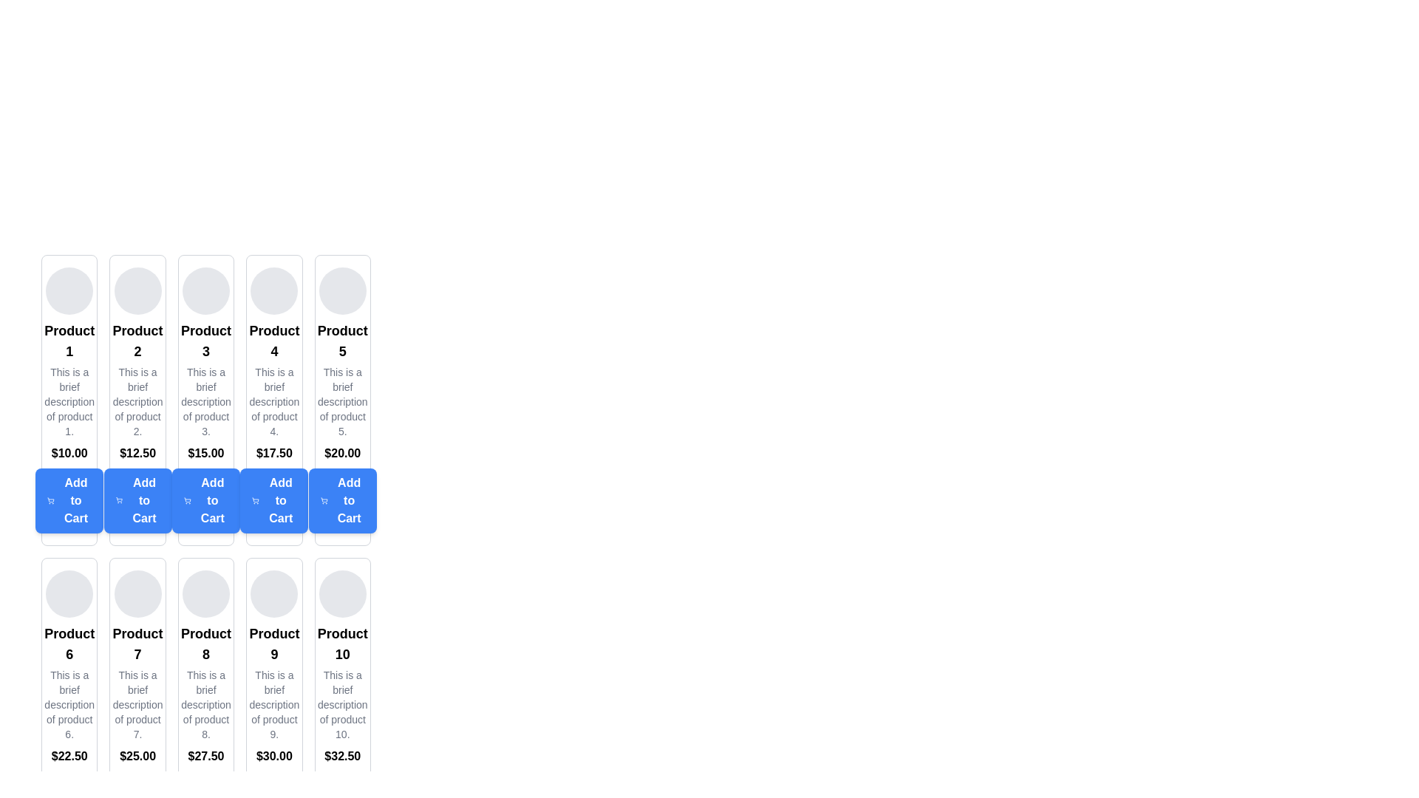 This screenshot has width=1419, height=798. Describe the element at coordinates (205, 452) in the screenshot. I see `the price label displaying '$15.00' located below the product description of 'Product 3'` at that location.